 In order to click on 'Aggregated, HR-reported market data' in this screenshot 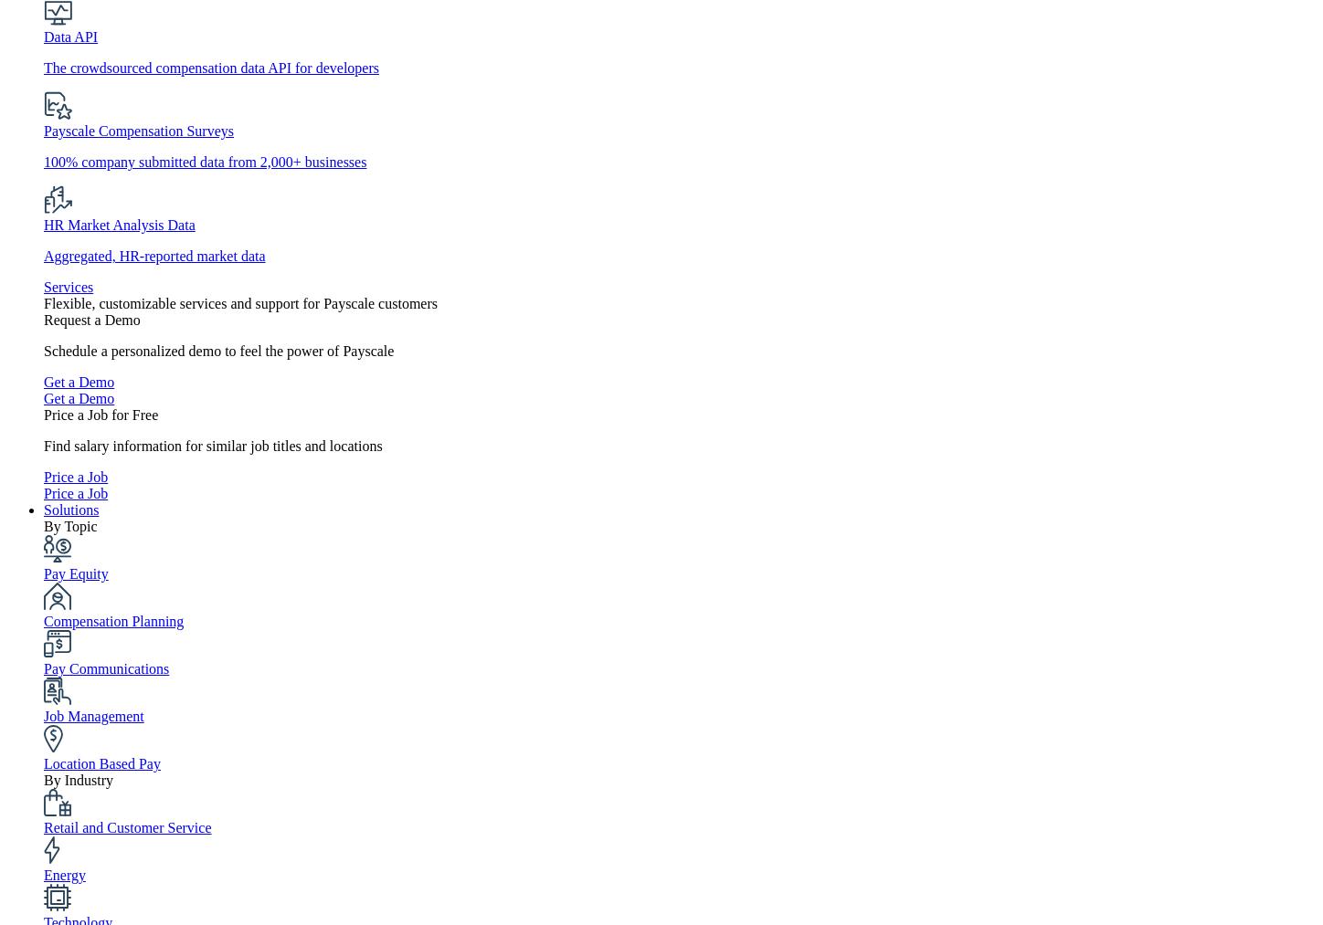, I will do `click(153, 255)`.